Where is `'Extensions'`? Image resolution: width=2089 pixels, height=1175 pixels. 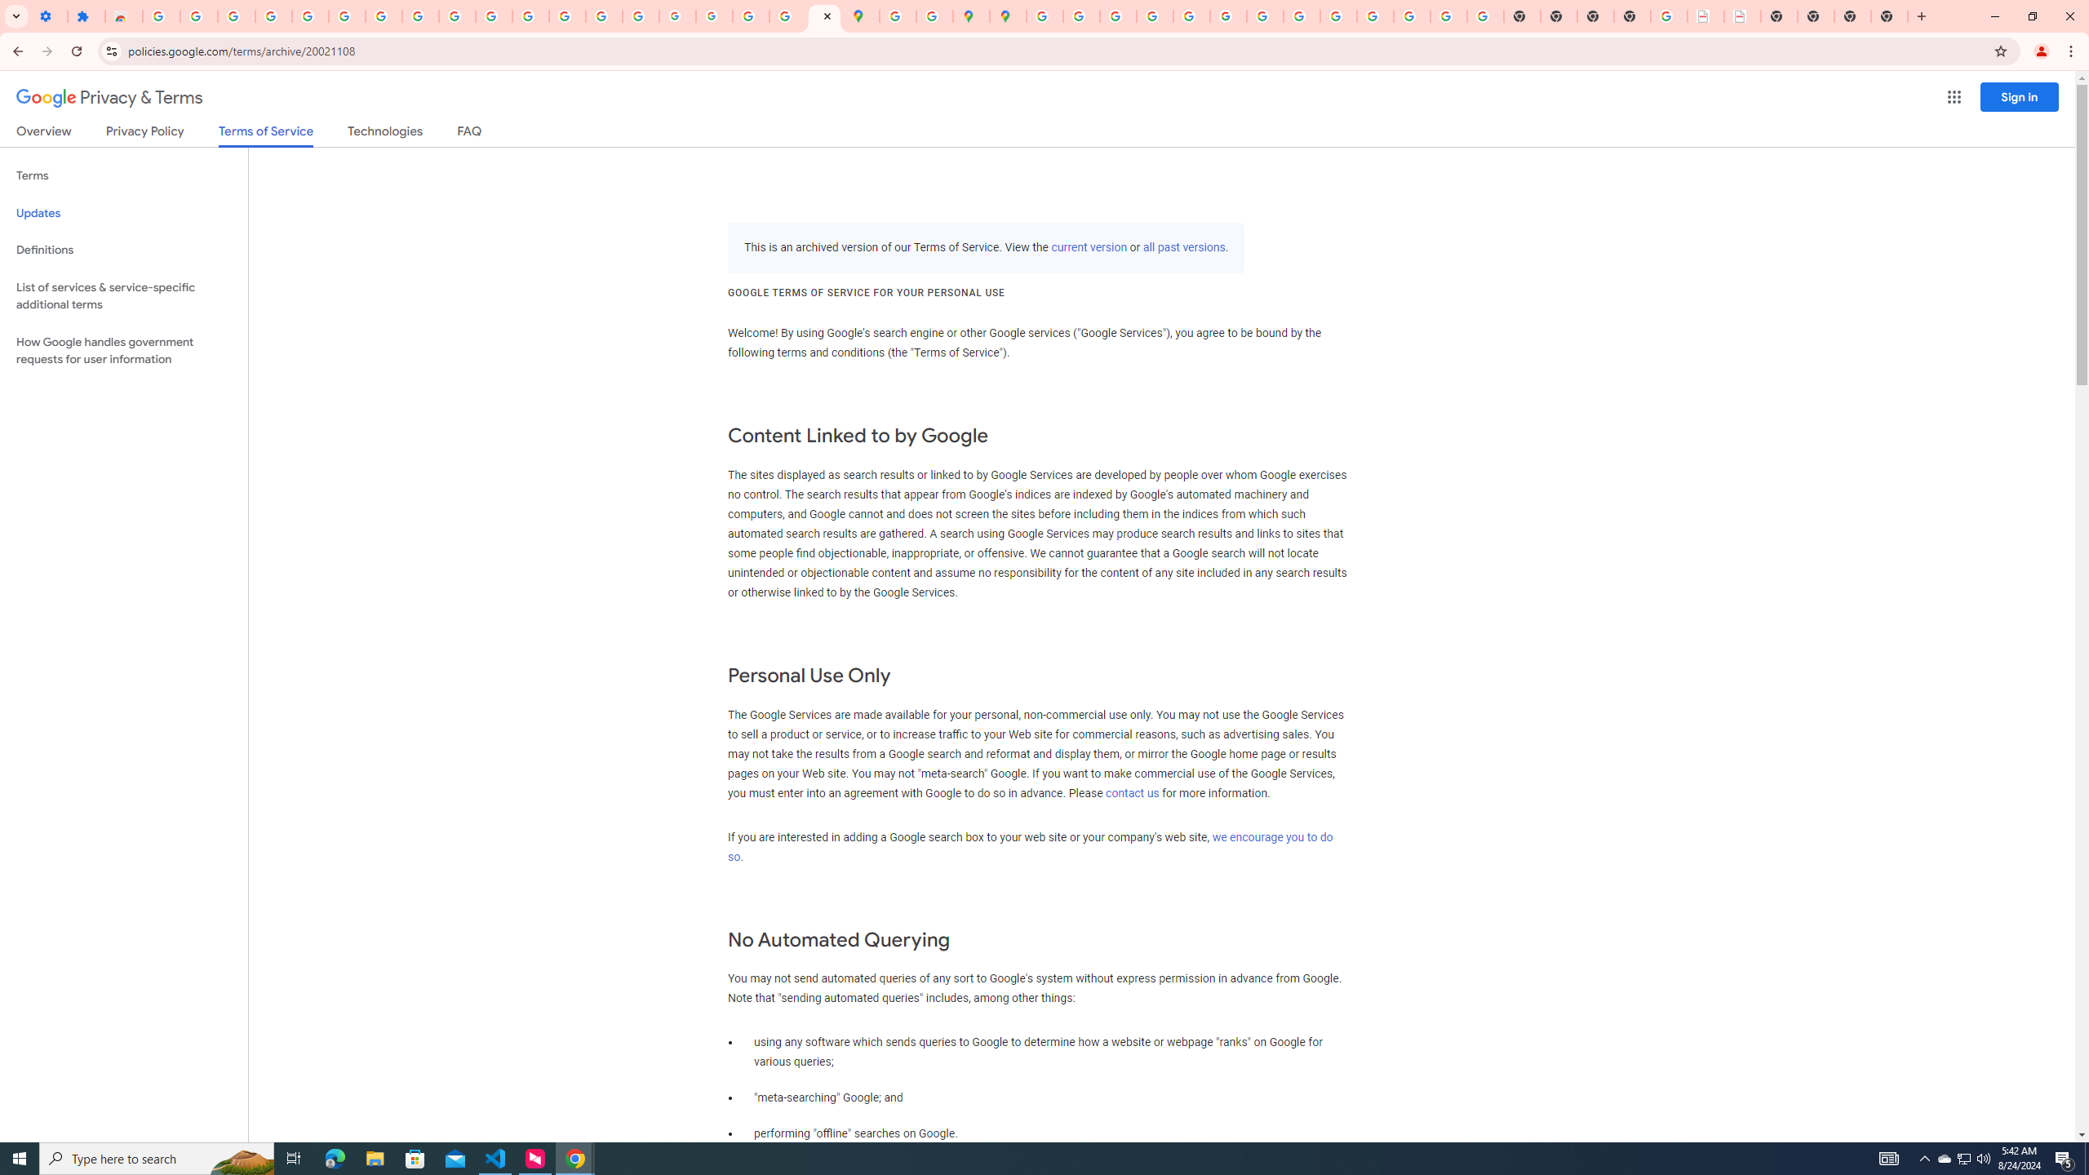
'Extensions' is located at coordinates (86, 16).